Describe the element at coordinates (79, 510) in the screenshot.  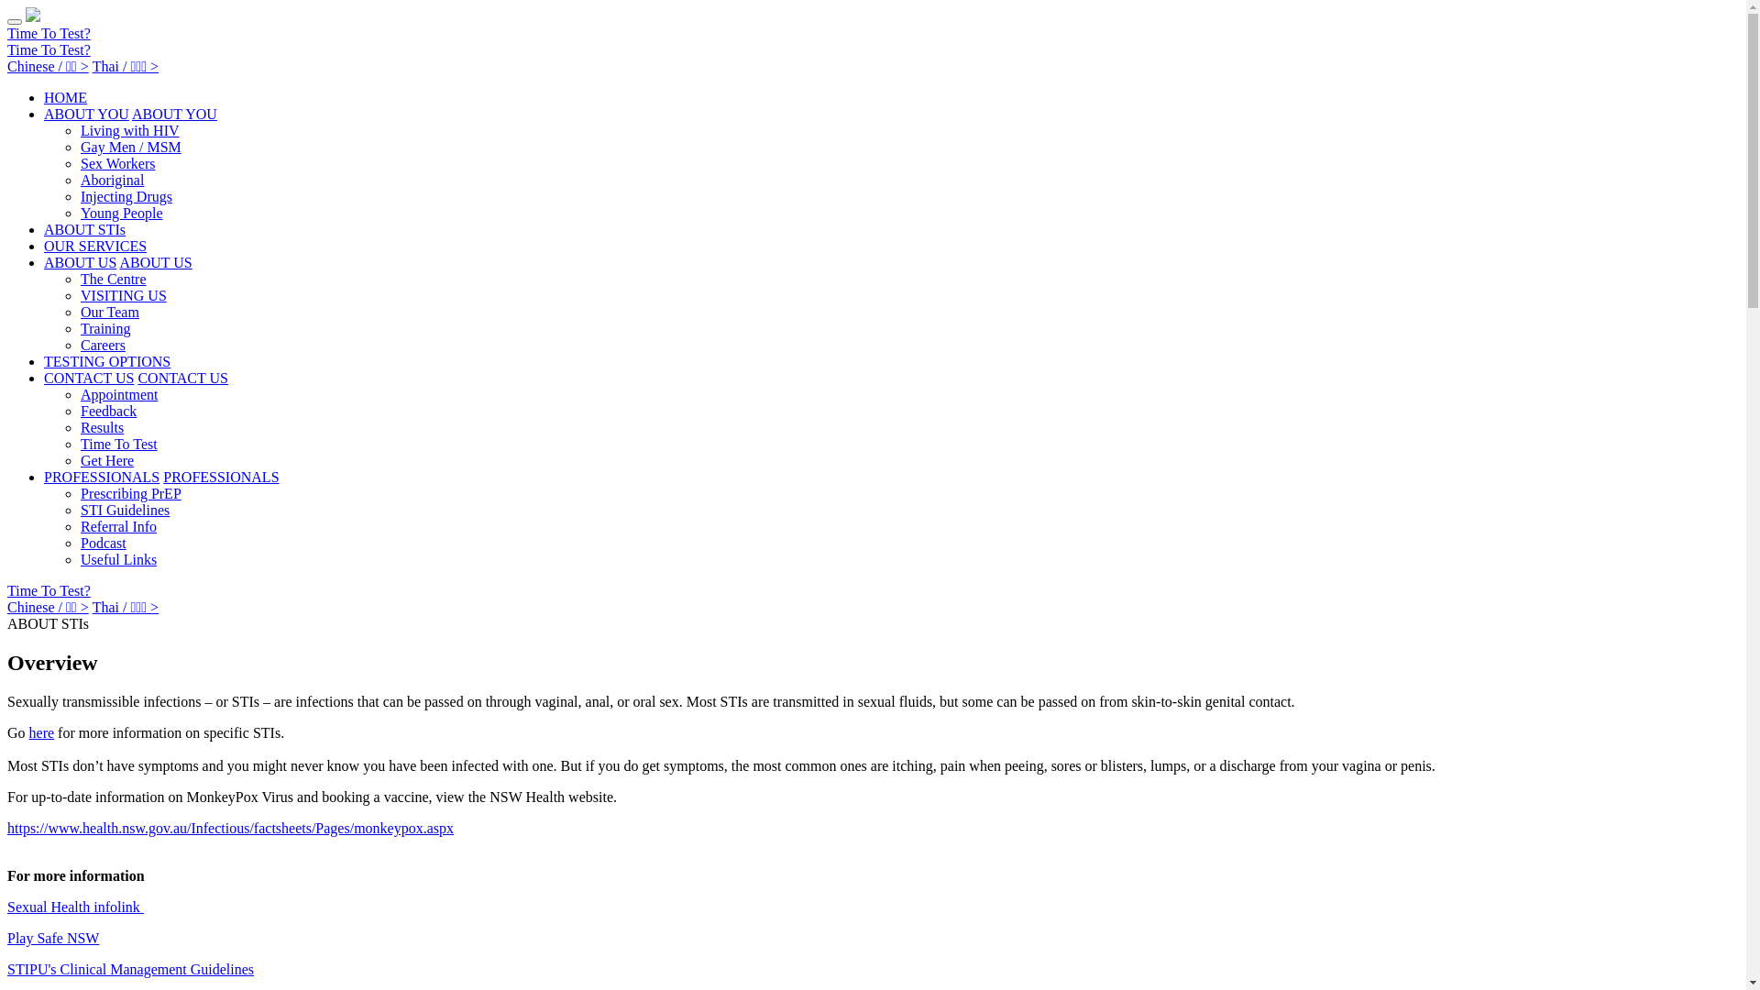
I see `'STI Guidelines'` at that location.